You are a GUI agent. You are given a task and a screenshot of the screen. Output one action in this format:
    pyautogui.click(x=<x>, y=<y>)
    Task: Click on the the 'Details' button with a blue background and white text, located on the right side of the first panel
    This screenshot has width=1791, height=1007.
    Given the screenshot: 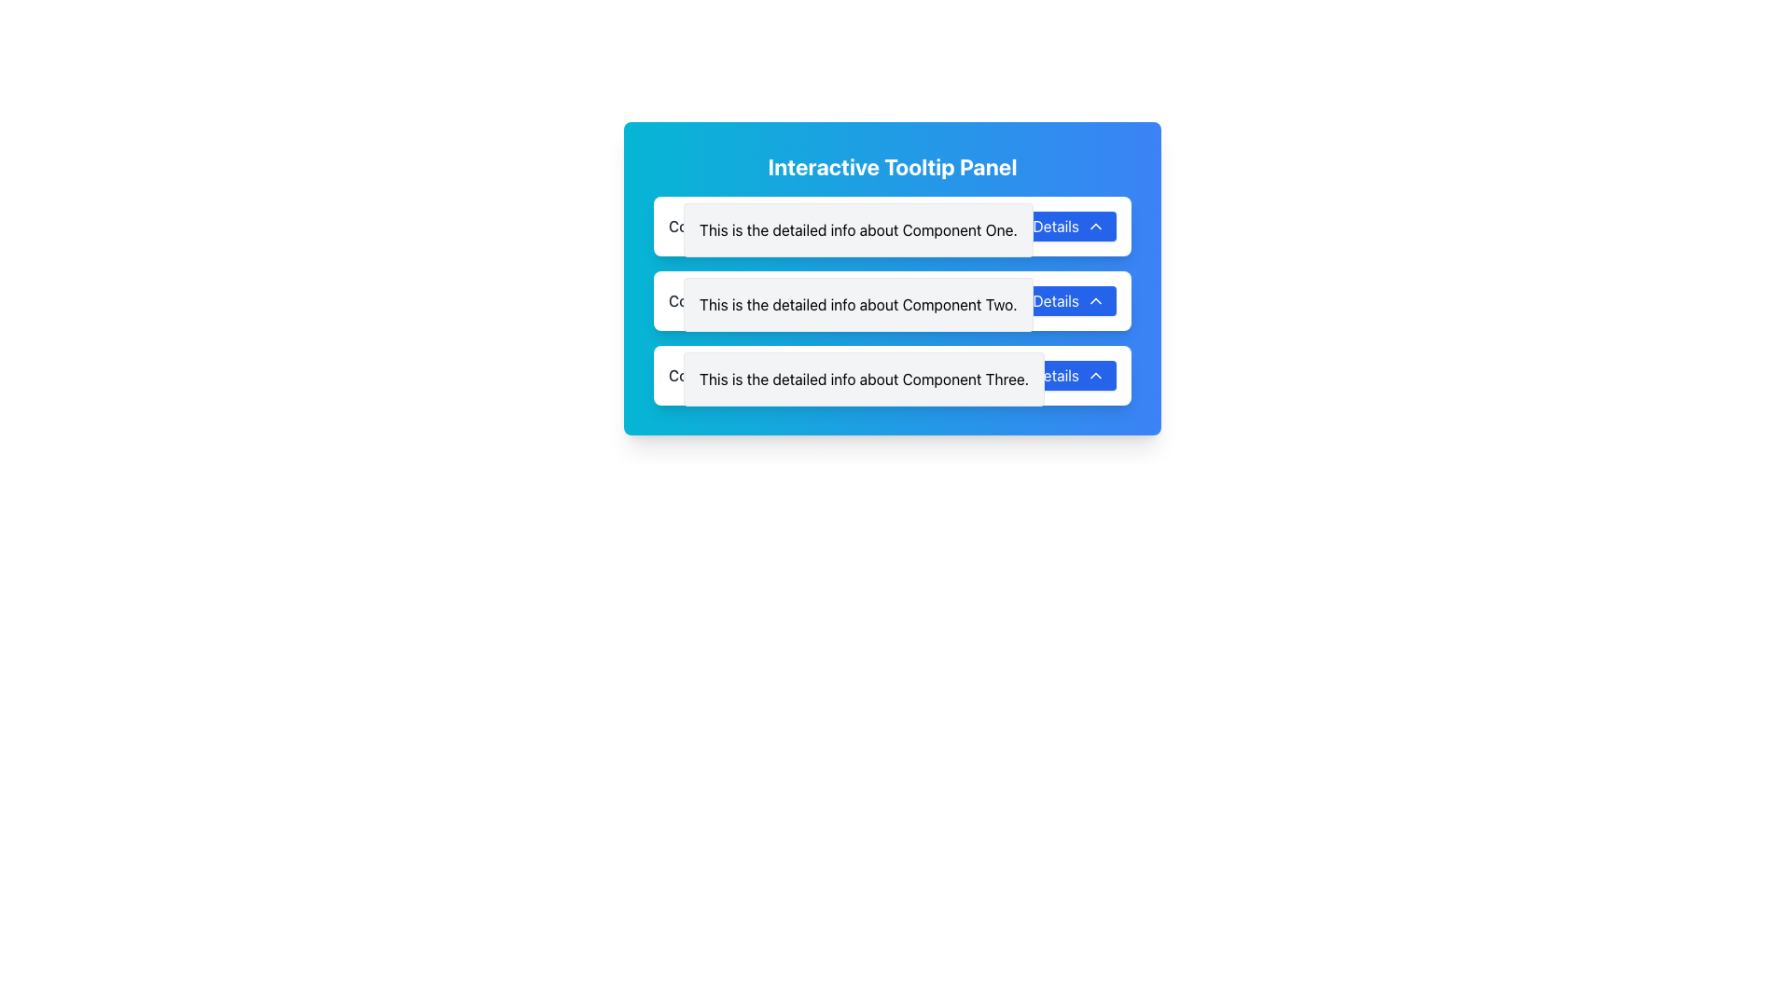 What is the action you would take?
    pyautogui.click(x=1069, y=226)
    